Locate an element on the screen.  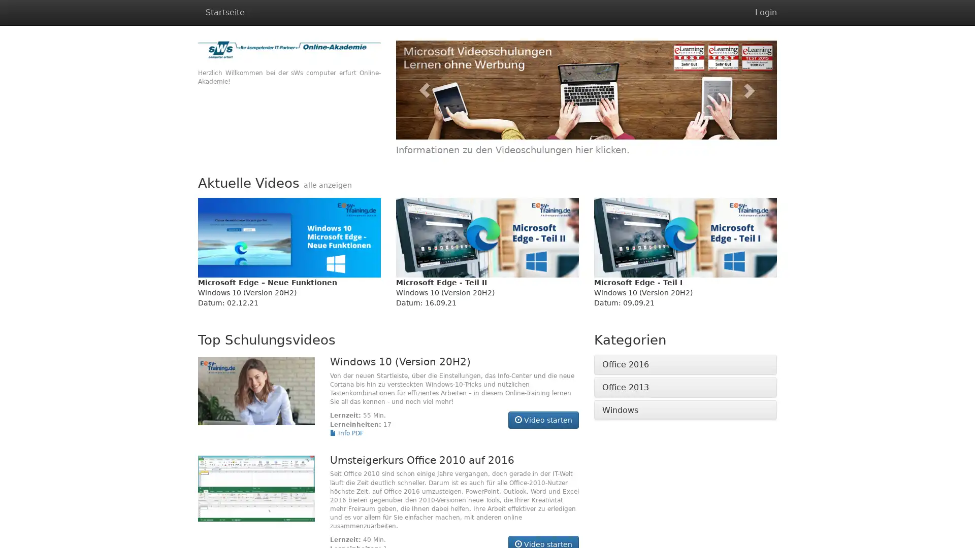
Zuruck is located at coordinates (424, 89).